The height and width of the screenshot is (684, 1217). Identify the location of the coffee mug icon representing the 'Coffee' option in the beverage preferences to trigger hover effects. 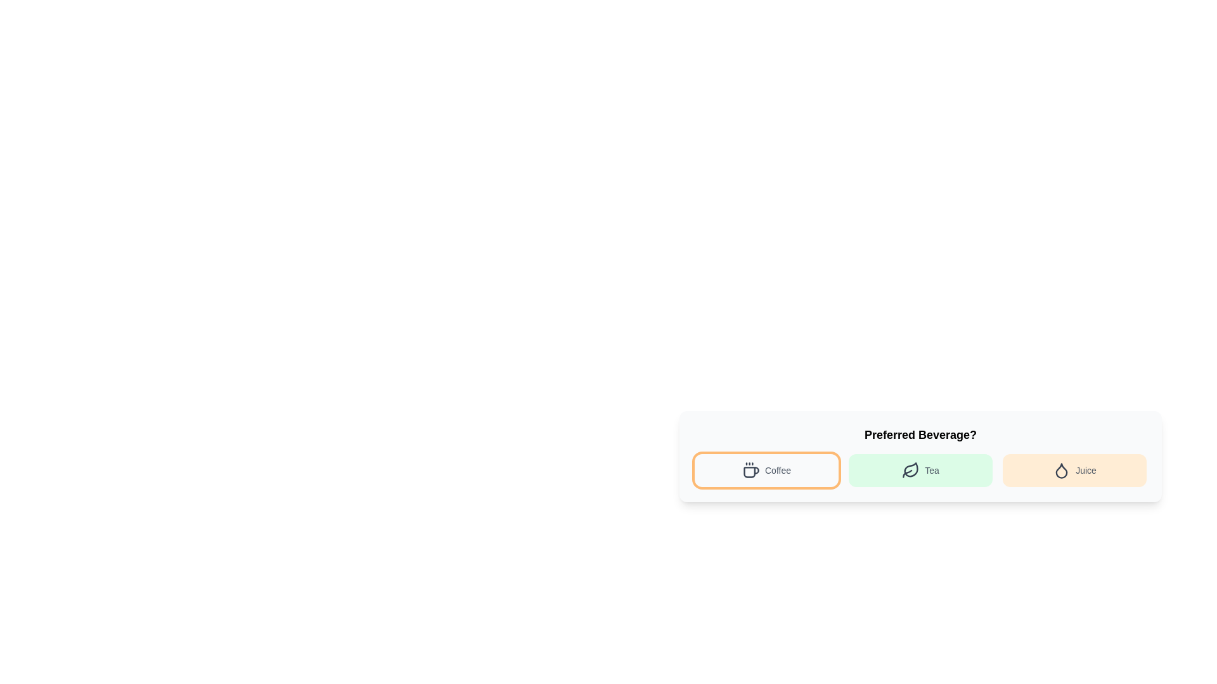
(751, 472).